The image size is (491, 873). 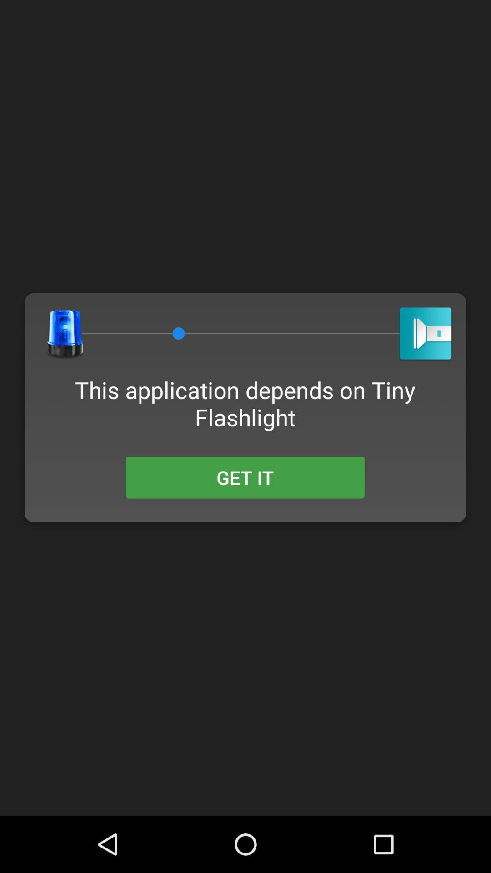 What do you see at coordinates (245, 477) in the screenshot?
I see `the     get it` at bounding box center [245, 477].